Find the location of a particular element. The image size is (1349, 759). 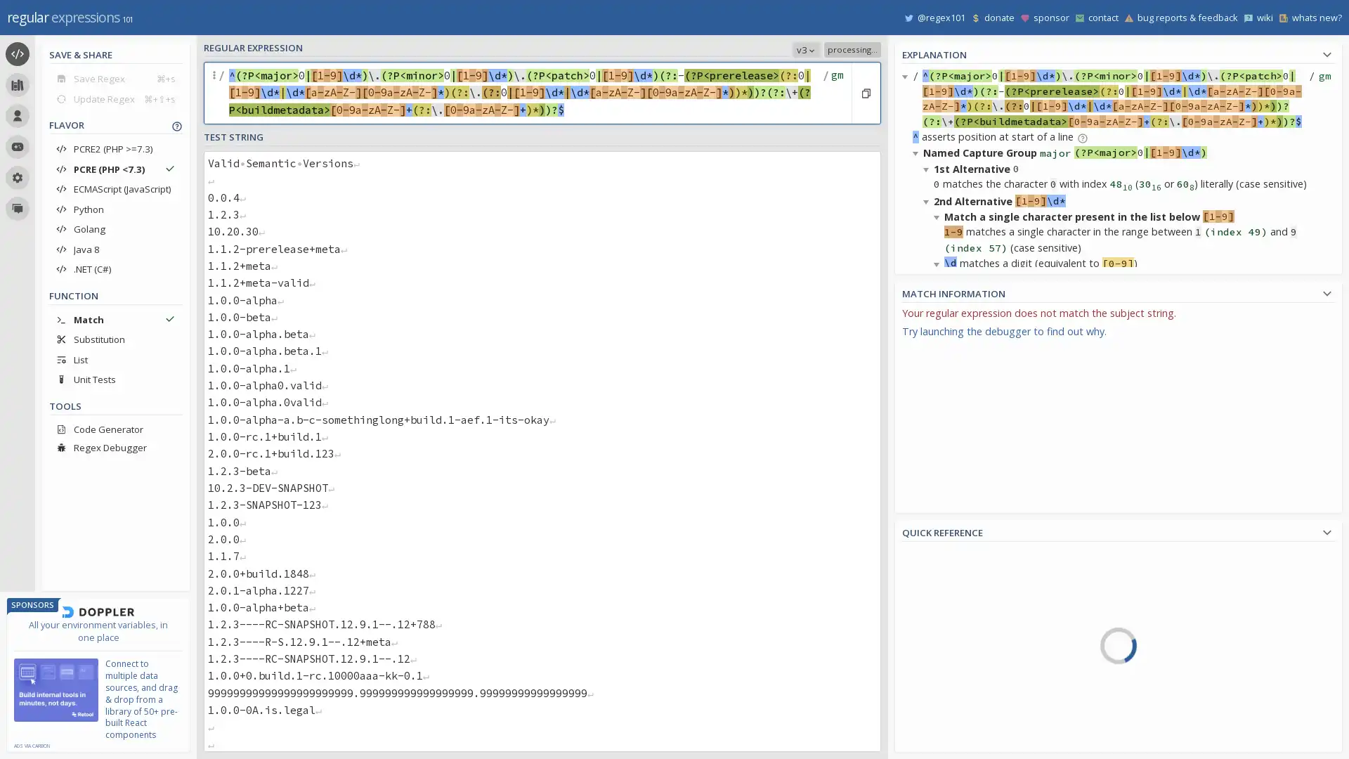

A character in the range: a-z [a-z] is located at coordinates (1188, 596).